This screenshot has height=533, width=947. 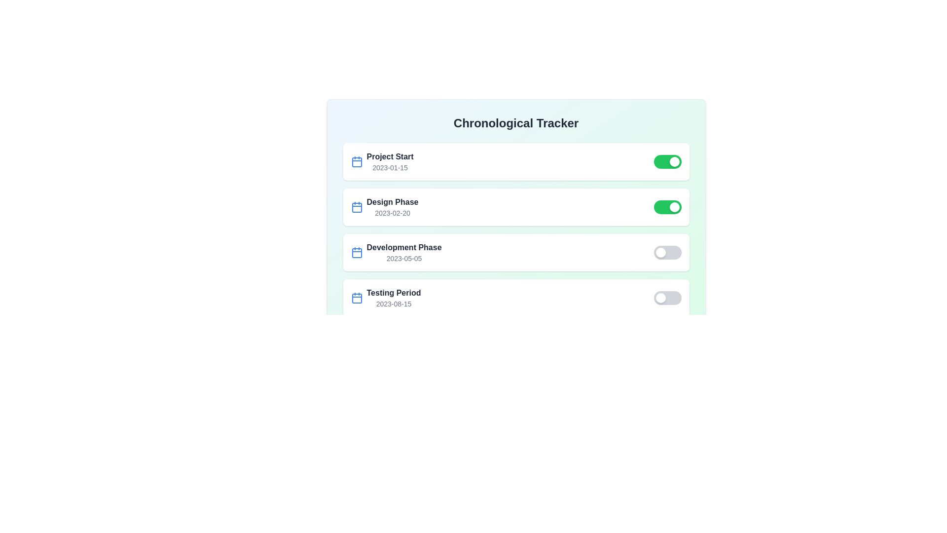 I want to click on the calendar icon for the milestone Testing Period, so click(x=356, y=298).